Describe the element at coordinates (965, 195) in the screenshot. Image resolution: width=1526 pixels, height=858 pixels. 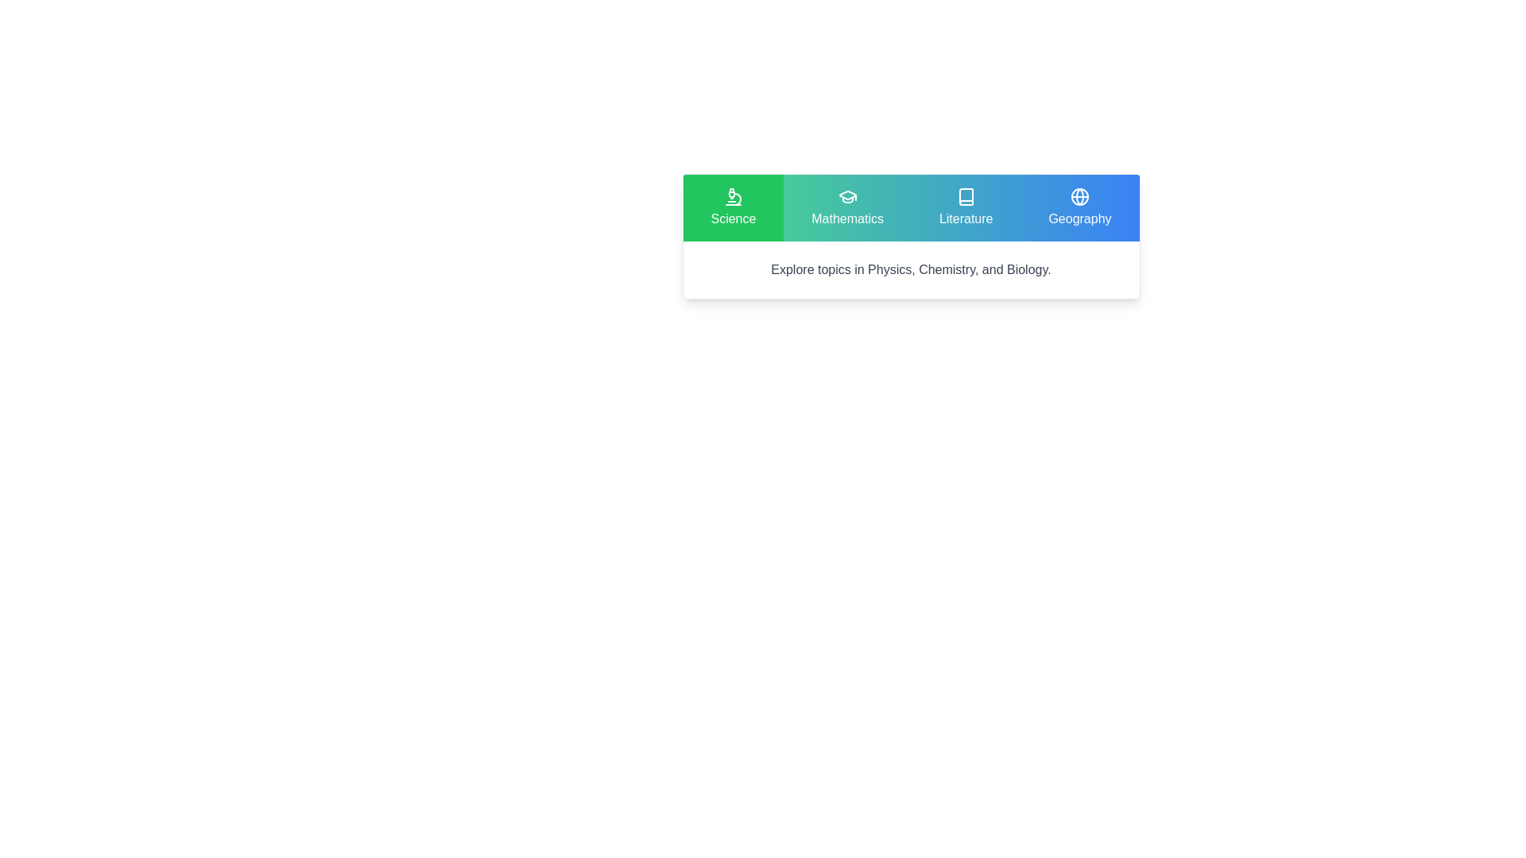
I see `the Literature button icon that resembles a book with a refined, outlined design, styled in white against a vivid blue background` at that location.